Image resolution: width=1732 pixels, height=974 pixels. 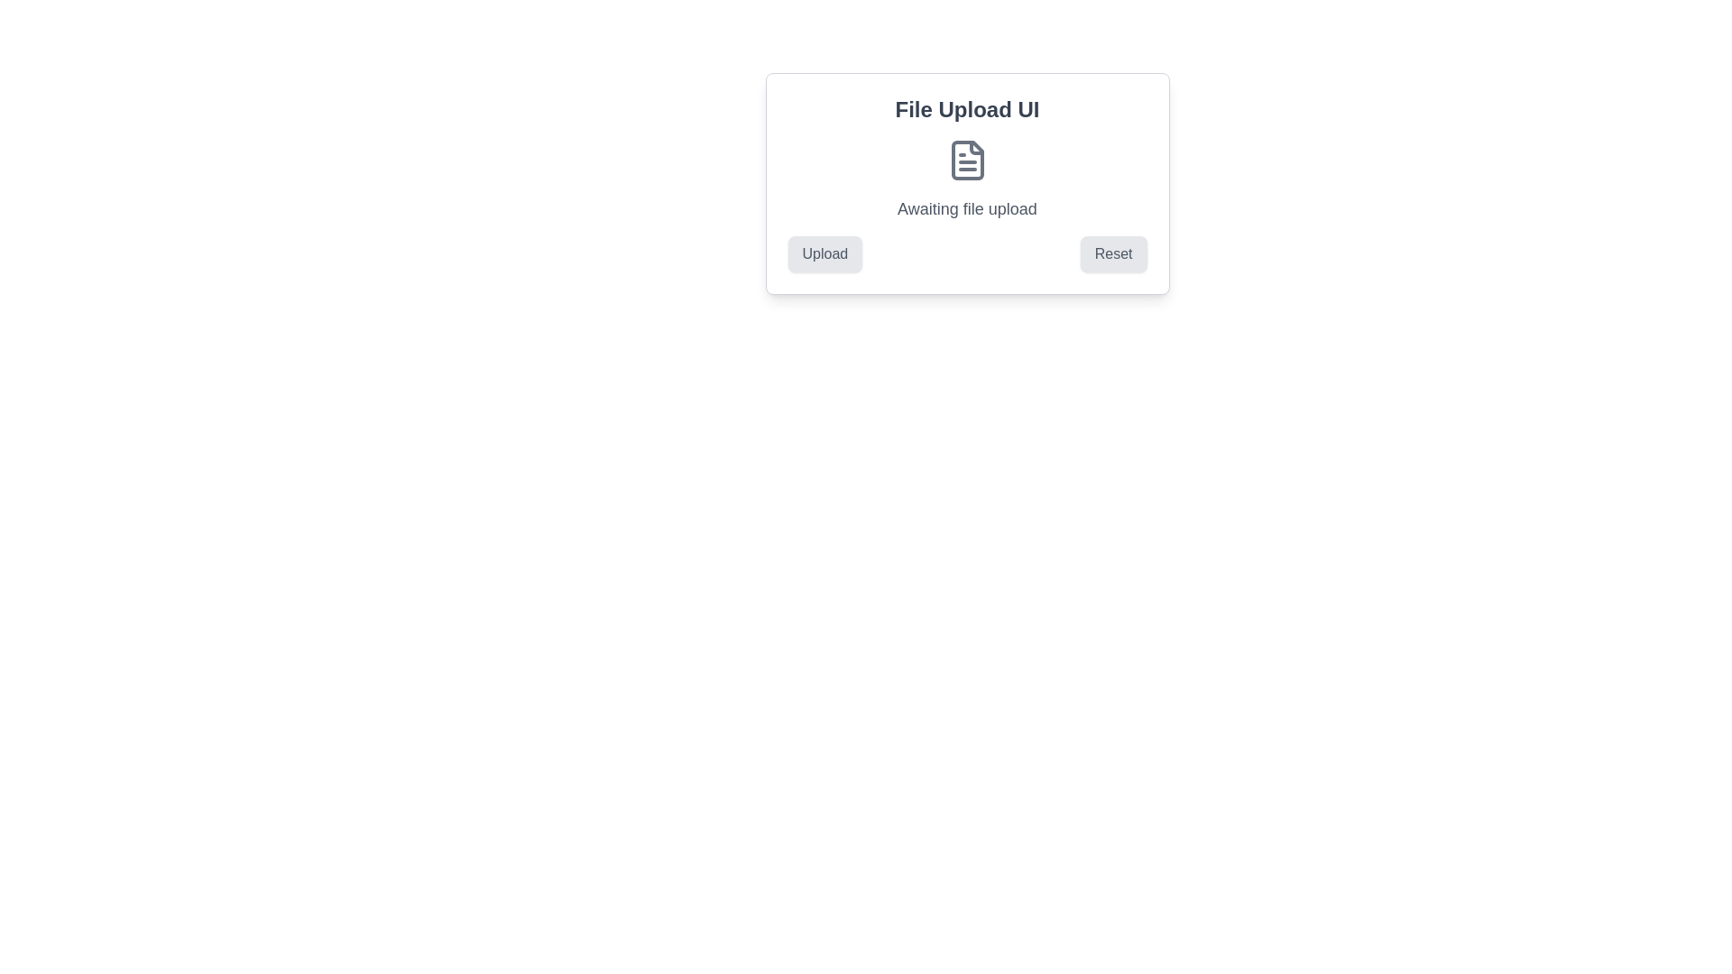 What do you see at coordinates (966, 207) in the screenshot?
I see `the status message text block indicating that the system is waiting for the user to upload a file, which is located below a file icon and above the 'Upload' and 'Reset' buttons` at bounding box center [966, 207].